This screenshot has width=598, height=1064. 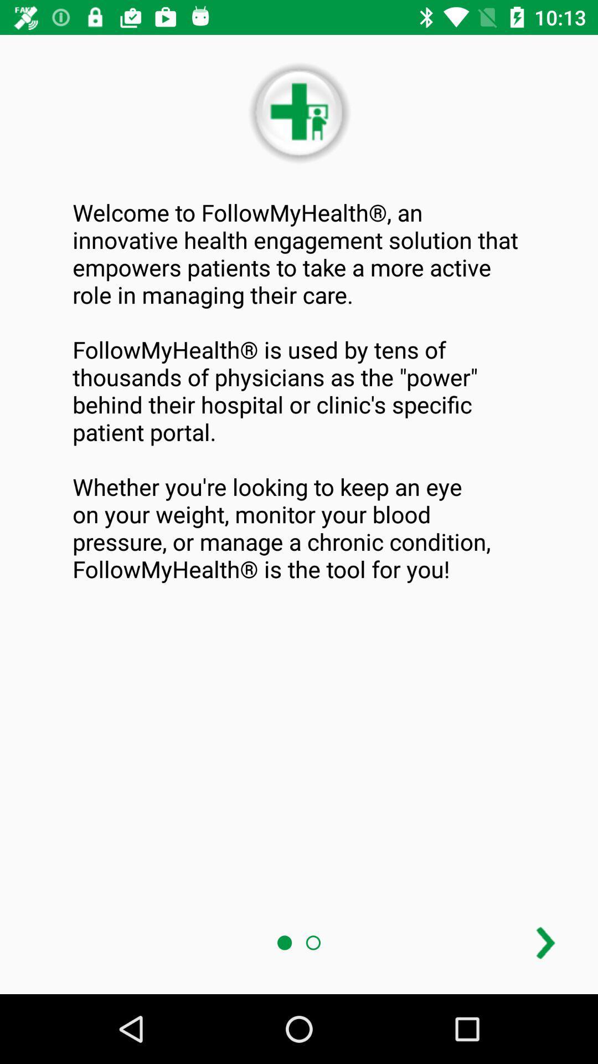 What do you see at coordinates (545, 942) in the screenshot?
I see `icon below the welcome to followmyhealth item` at bounding box center [545, 942].